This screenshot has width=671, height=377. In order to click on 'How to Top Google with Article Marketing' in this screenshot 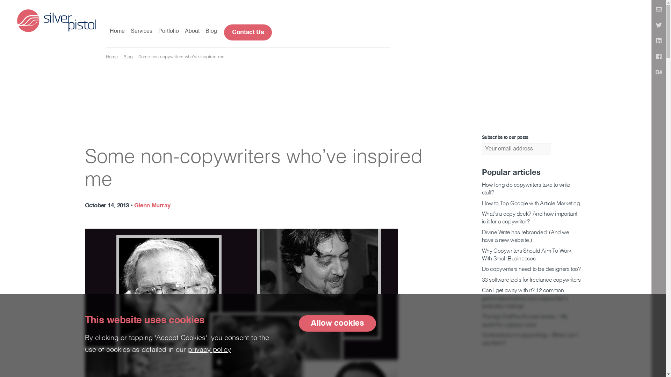, I will do `click(531, 204)`.